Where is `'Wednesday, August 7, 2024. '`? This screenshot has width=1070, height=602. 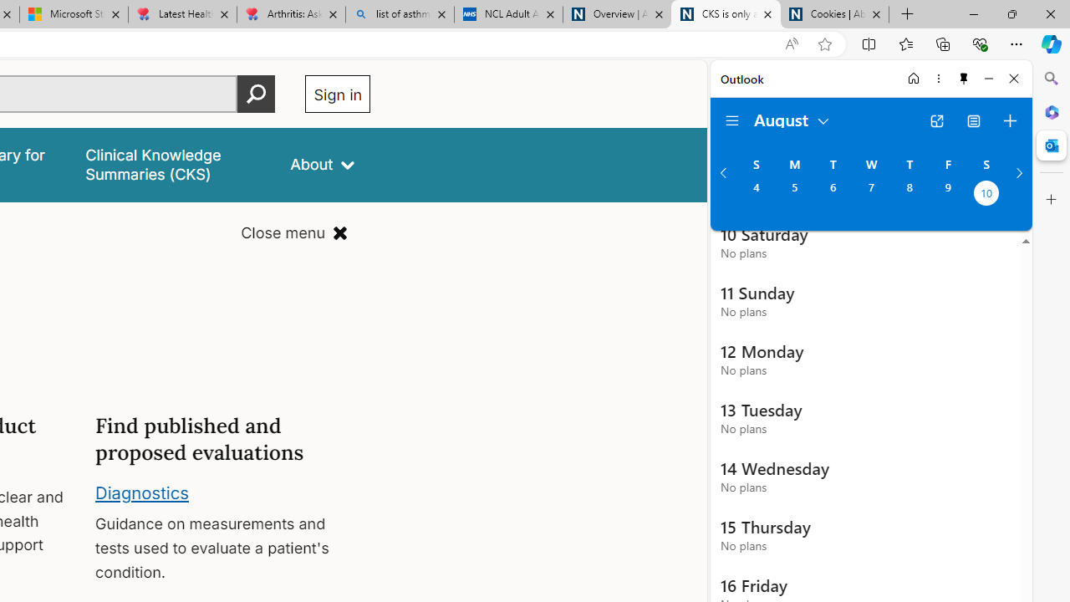 'Wednesday, August 7, 2024. ' is located at coordinates (870, 194).